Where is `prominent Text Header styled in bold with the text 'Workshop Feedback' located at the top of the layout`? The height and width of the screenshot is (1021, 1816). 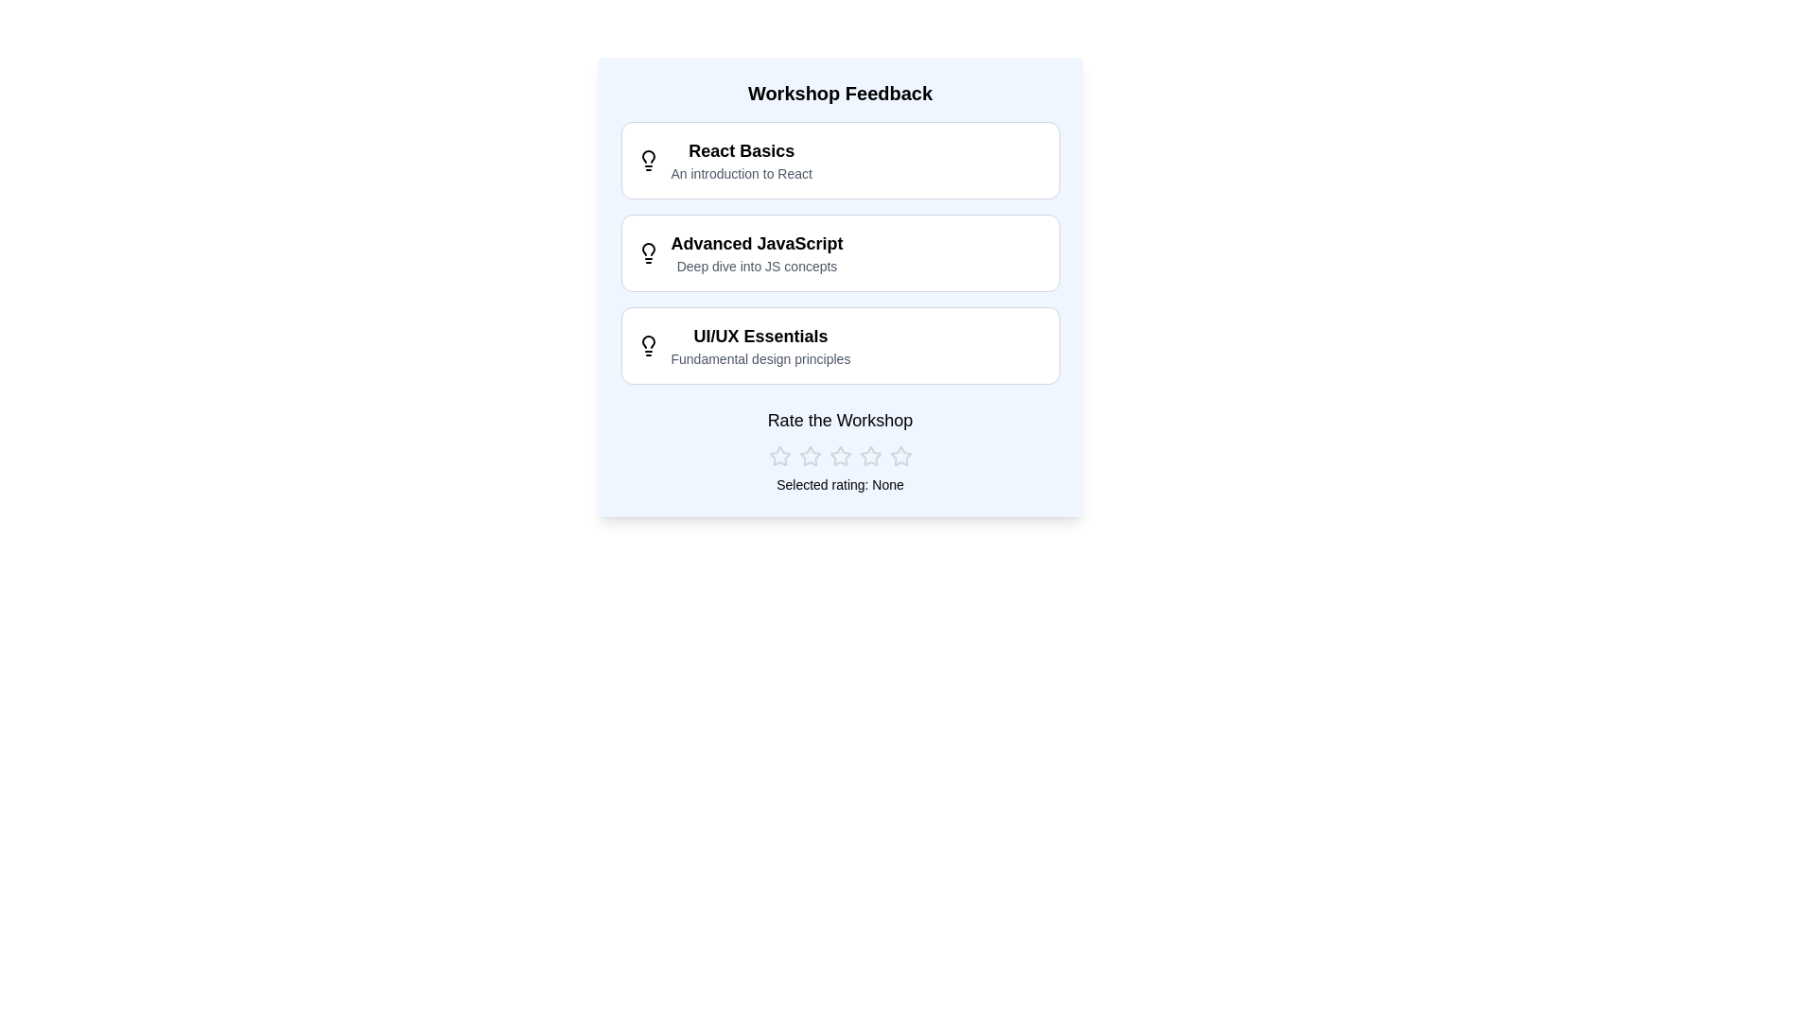
prominent Text Header styled in bold with the text 'Workshop Feedback' located at the top of the layout is located at coordinates (839, 94).